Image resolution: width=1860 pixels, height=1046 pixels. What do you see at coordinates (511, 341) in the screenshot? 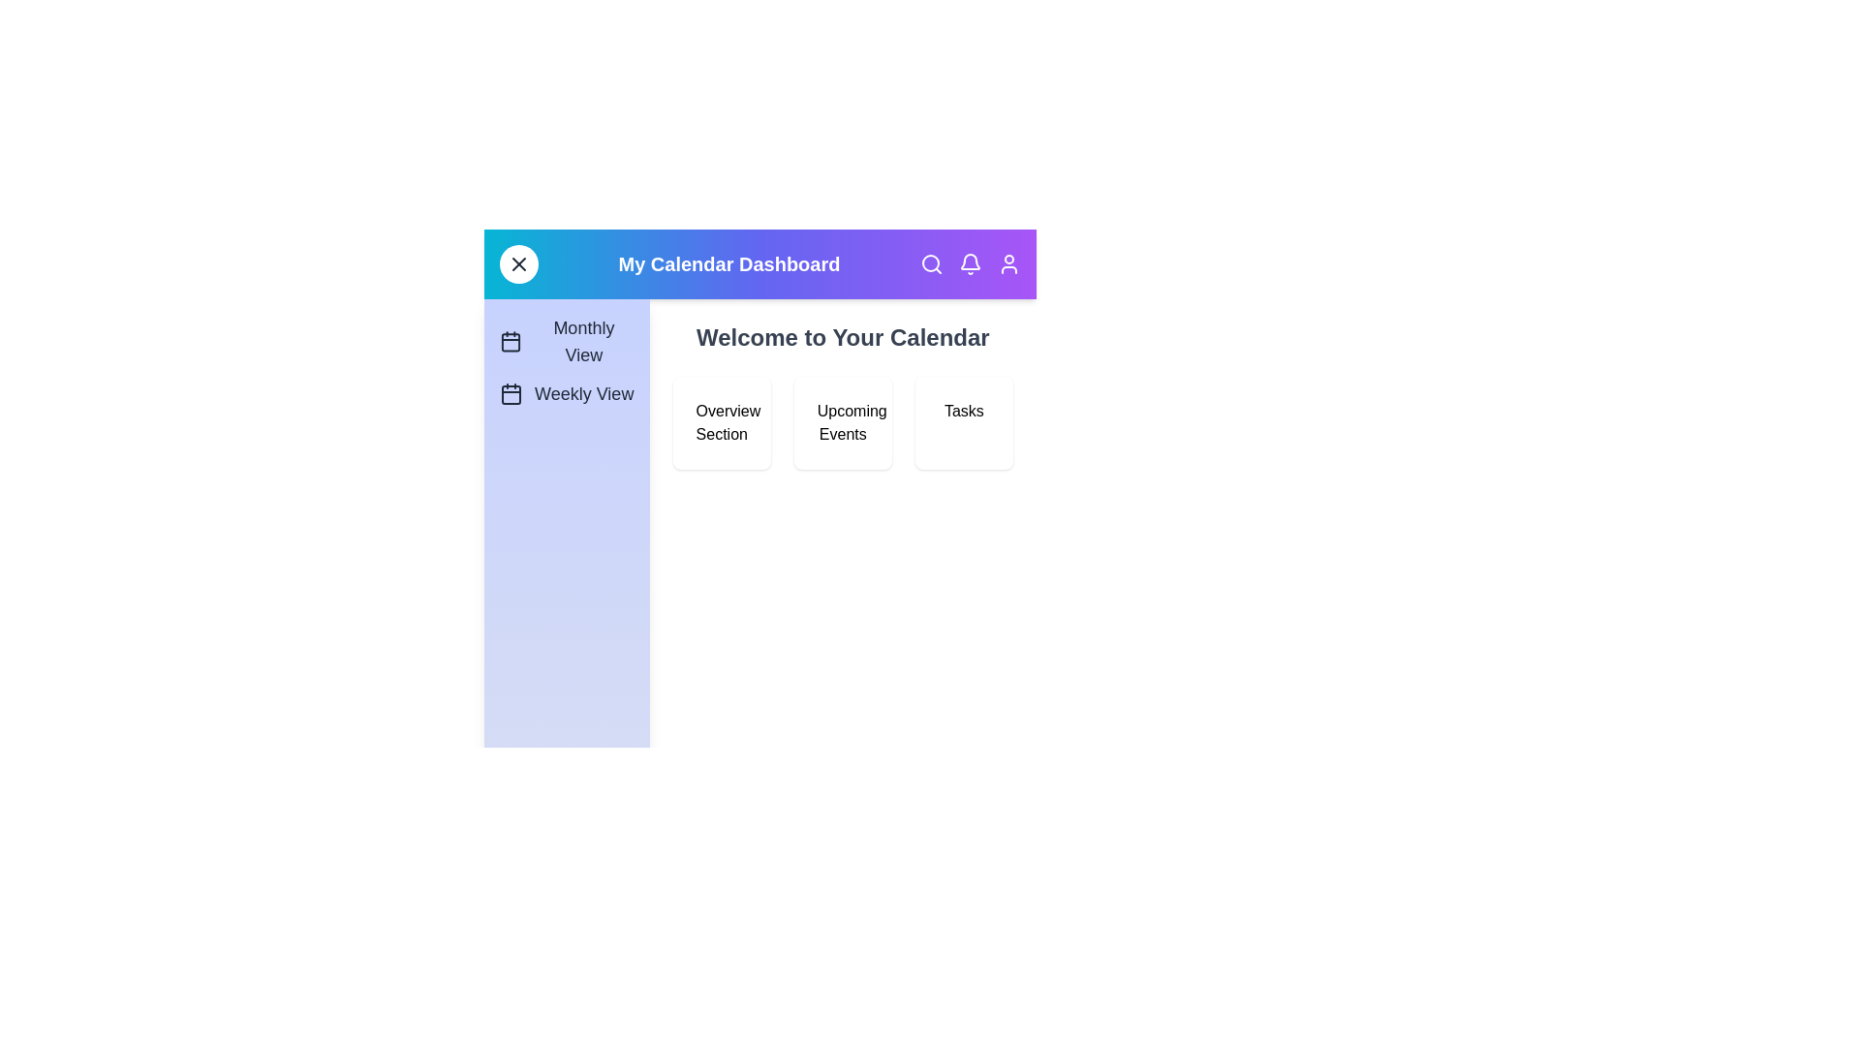
I see `the 'Monthly View' calendar icon located in the navigation sidebar, which is positioned adjacent to the text label 'Monthly View'` at bounding box center [511, 341].